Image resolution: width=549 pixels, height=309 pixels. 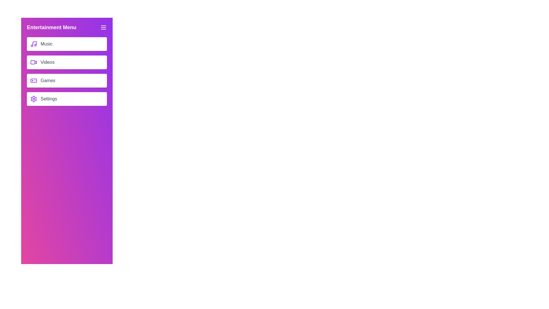 I want to click on the menu icon to close the drawer, so click(x=103, y=27).